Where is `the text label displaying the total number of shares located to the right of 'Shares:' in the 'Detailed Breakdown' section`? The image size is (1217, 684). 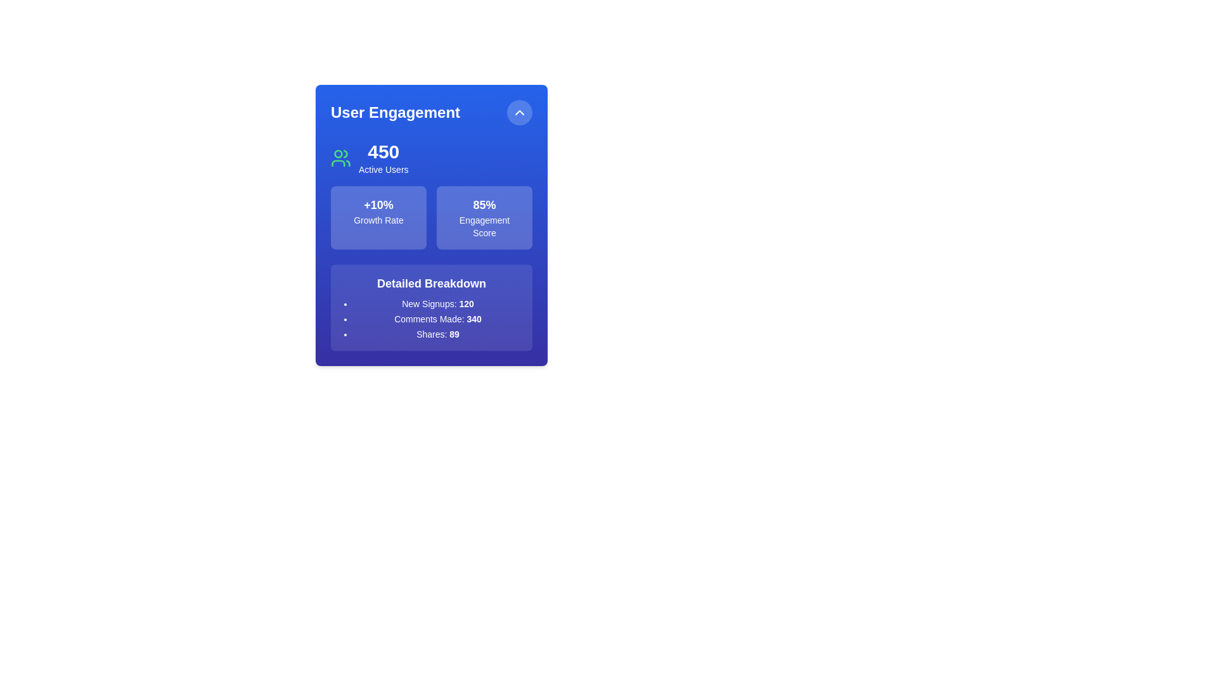 the text label displaying the total number of shares located to the right of 'Shares:' in the 'Detailed Breakdown' section is located at coordinates (454, 334).